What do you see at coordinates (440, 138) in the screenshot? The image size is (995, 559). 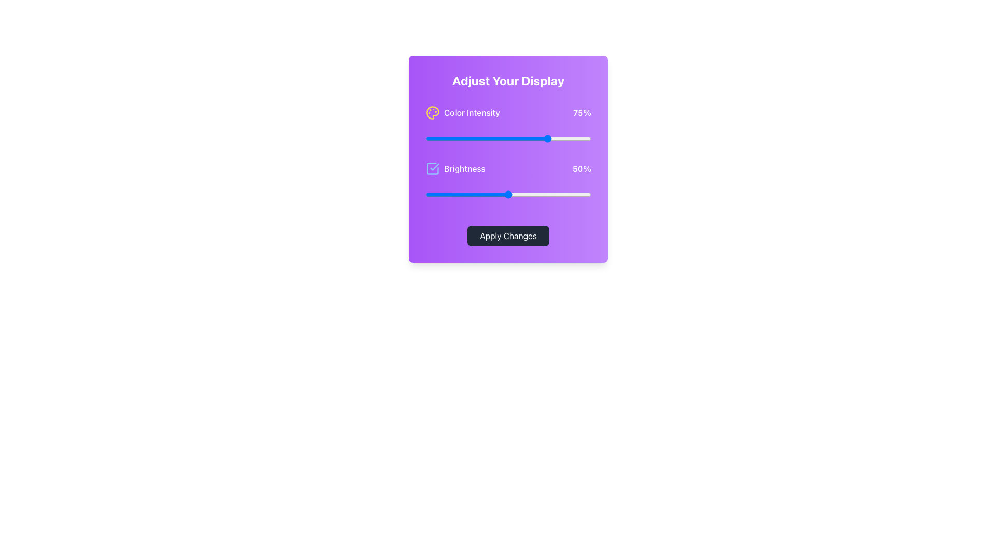 I see `the slider` at bounding box center [440, 138].